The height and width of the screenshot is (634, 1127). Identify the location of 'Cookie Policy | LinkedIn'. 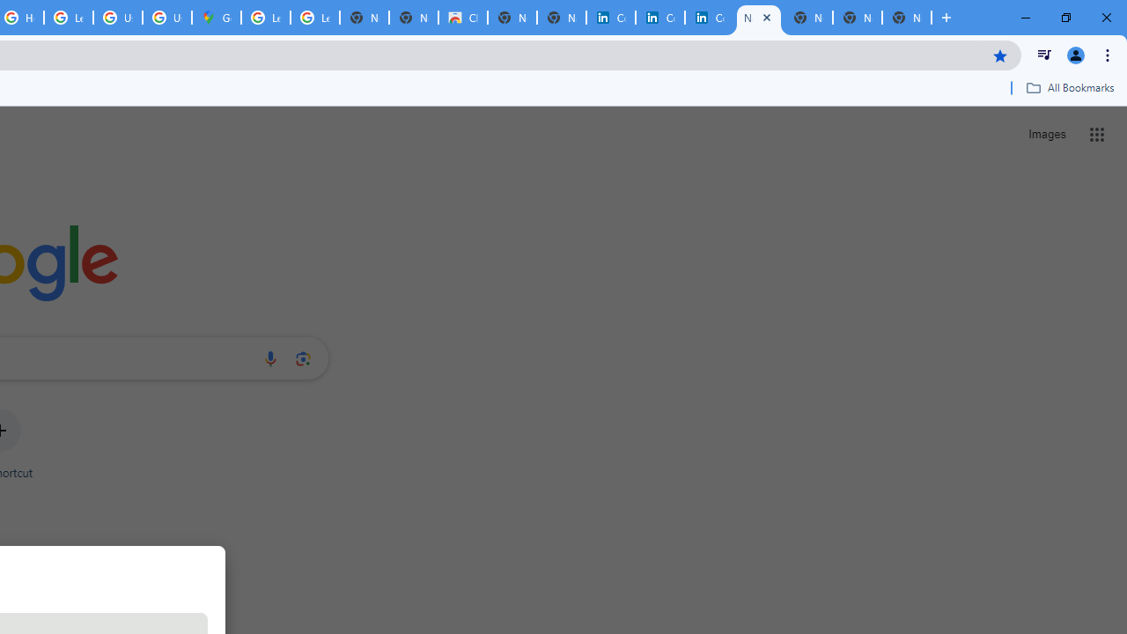
(659, 18).